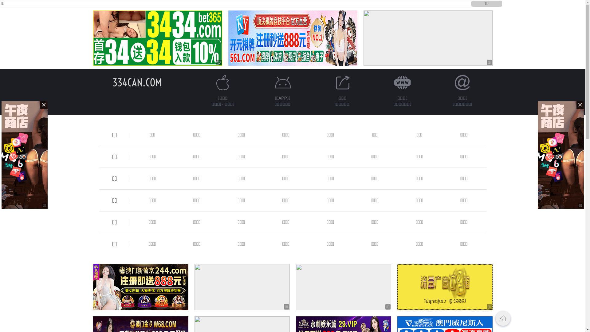 This screenshot has height=332, width=590. Describe the element at coordinates (137, 82) in the screenshot. I see `'334CAN.COM'` at that location.